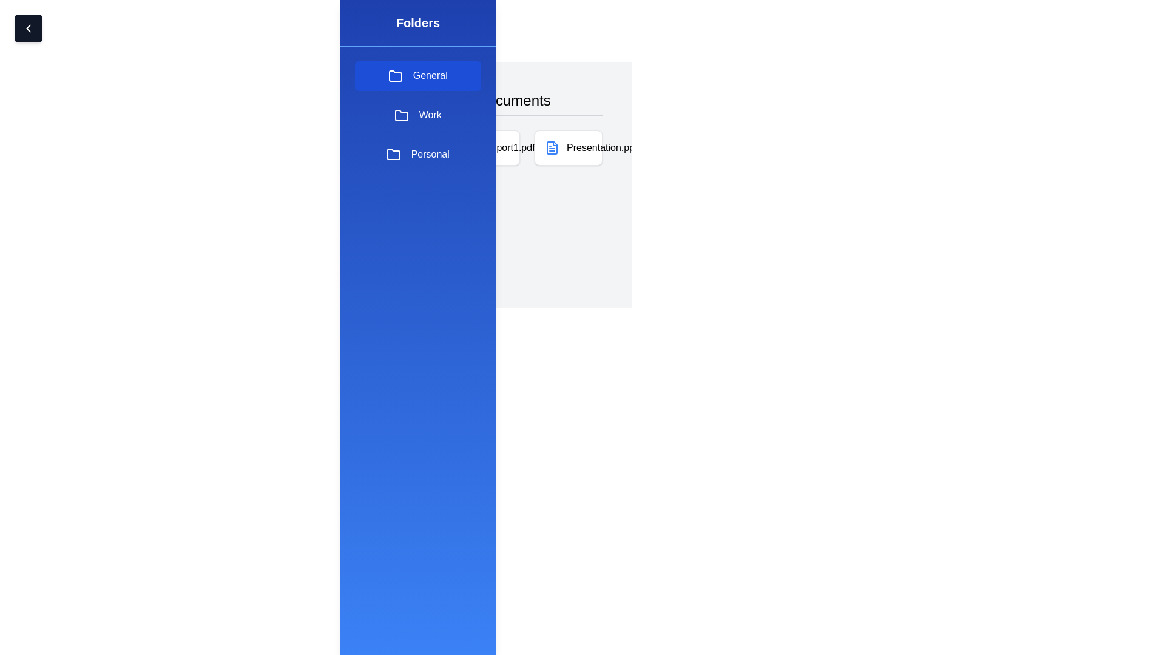  What do you see at coordinates (418, 115) in the screenshot?
I see `the 'Work' folder menu item, which is the second item` at bounding box center [418, 115].